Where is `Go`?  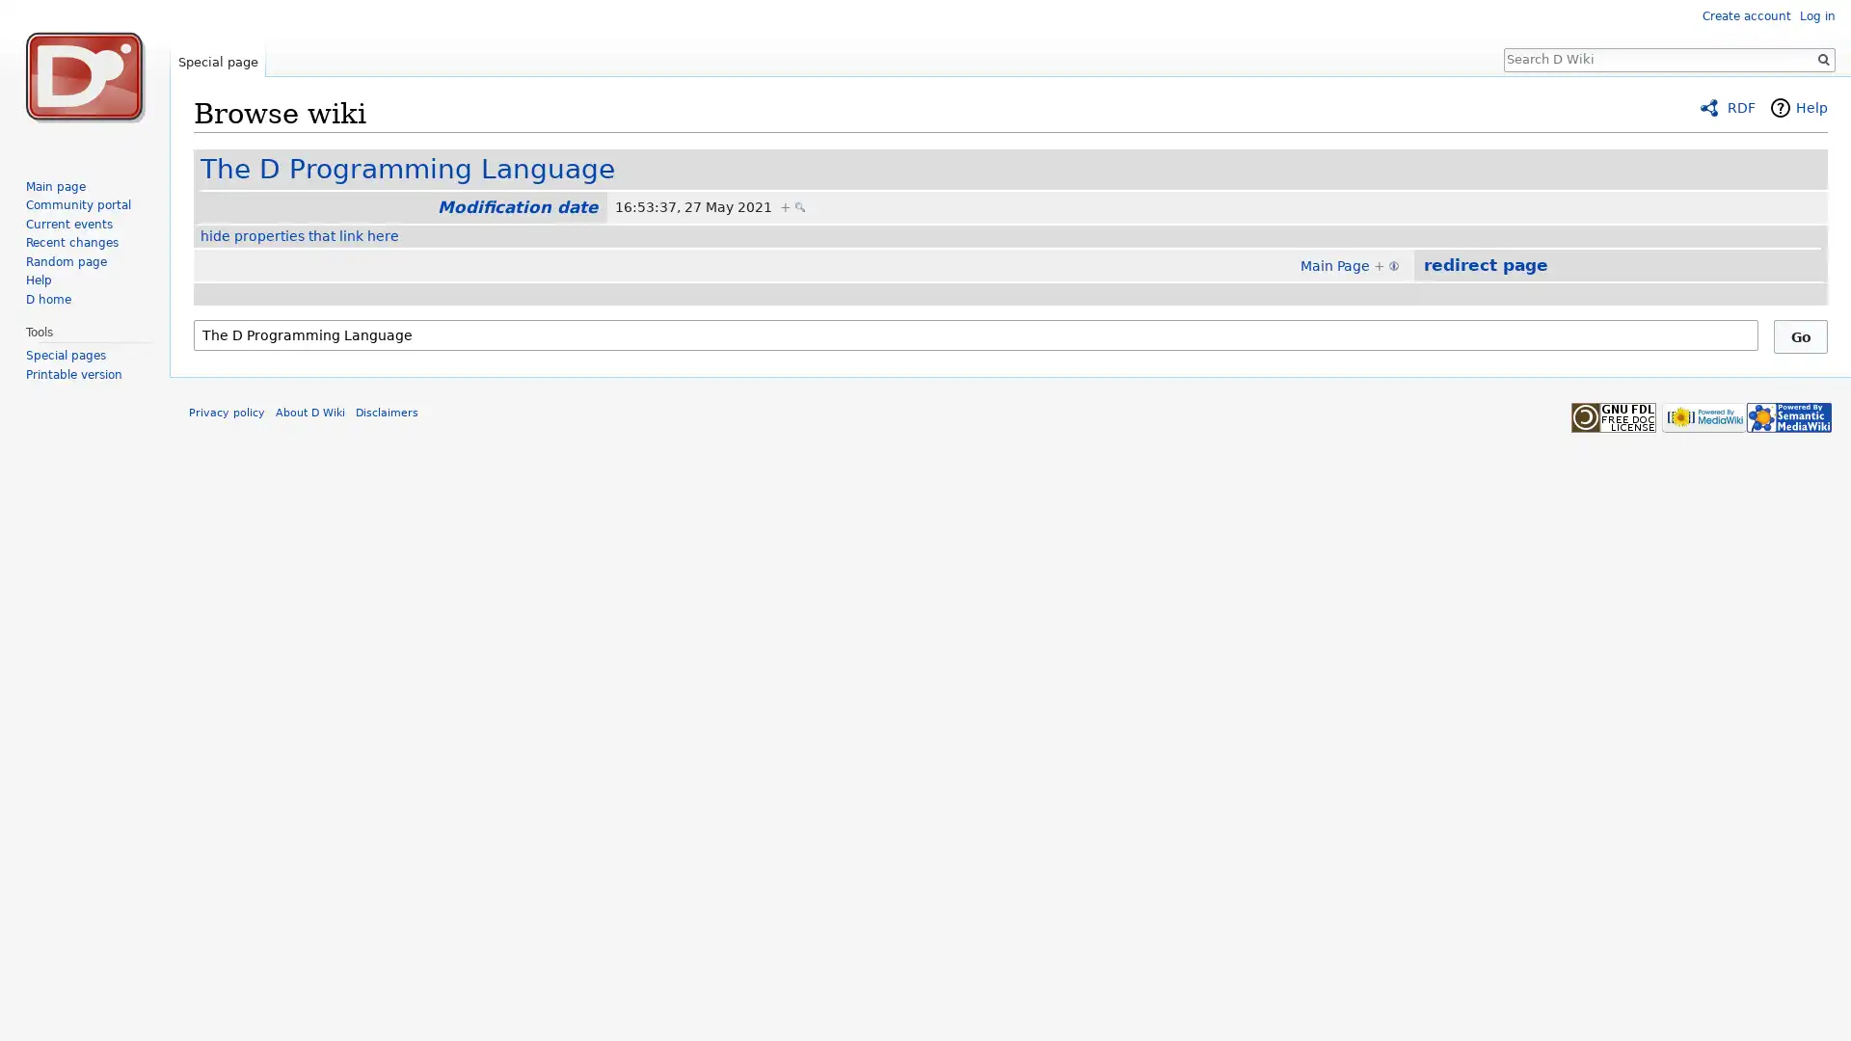
Go is located at coordinates (1799, 334).